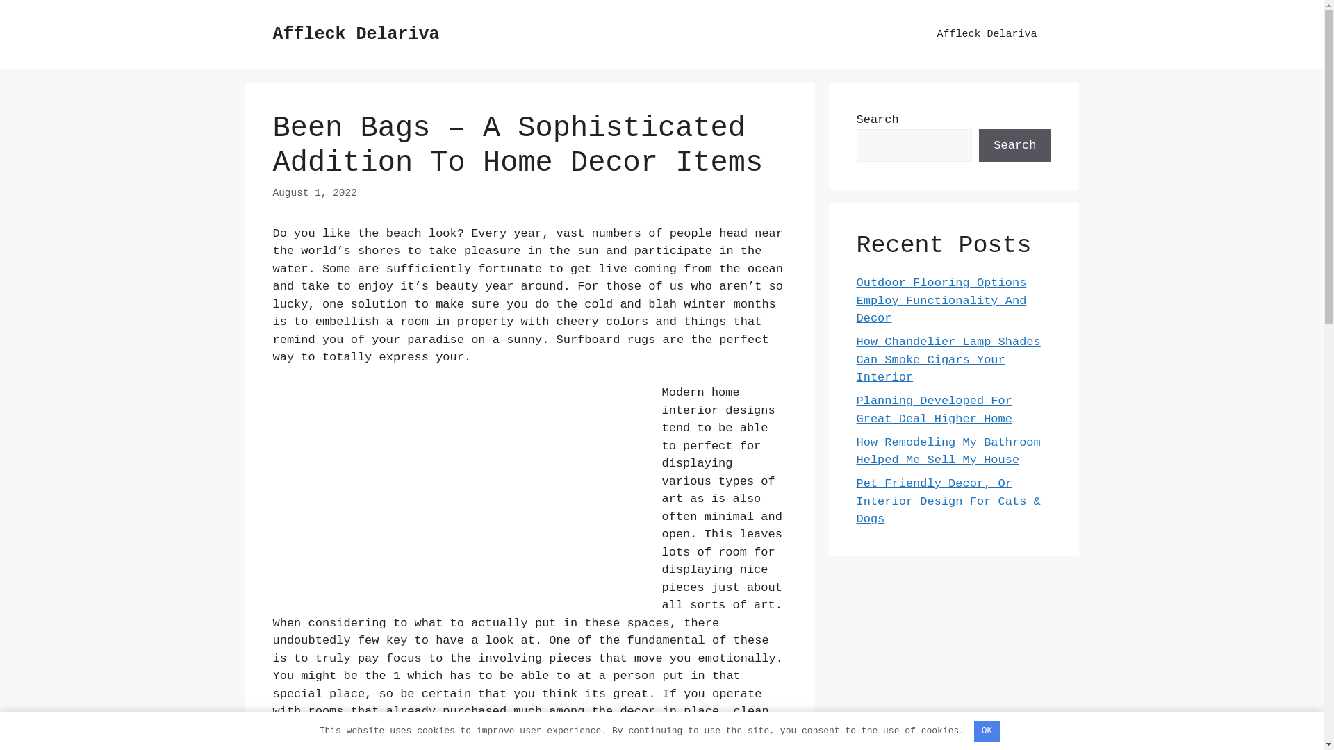  What do you see at coordinates (1014, 145) in the screenshot?
I see `'Search'` at bounding box center [1014, 145].